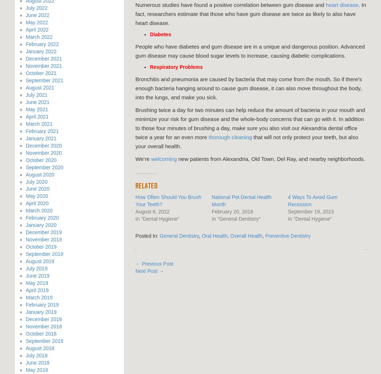 Image resolution: width=381 pixels, height=374 pixels. I want to click on 'We’re', so click(143, 158).